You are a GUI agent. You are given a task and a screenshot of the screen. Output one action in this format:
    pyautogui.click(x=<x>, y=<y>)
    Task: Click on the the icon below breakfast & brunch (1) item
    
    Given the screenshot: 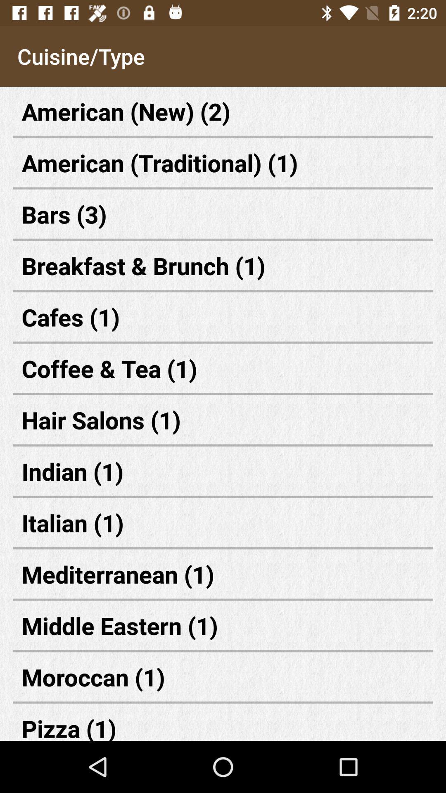 What is the action you would take?
    pyautogui.click(x=223, y=316)
    